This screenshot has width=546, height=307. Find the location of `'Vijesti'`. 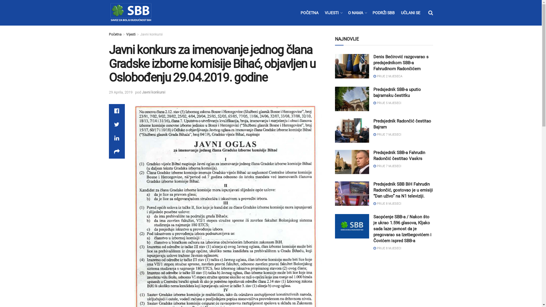

'Vijesti' is located at coordinates (131, 34).